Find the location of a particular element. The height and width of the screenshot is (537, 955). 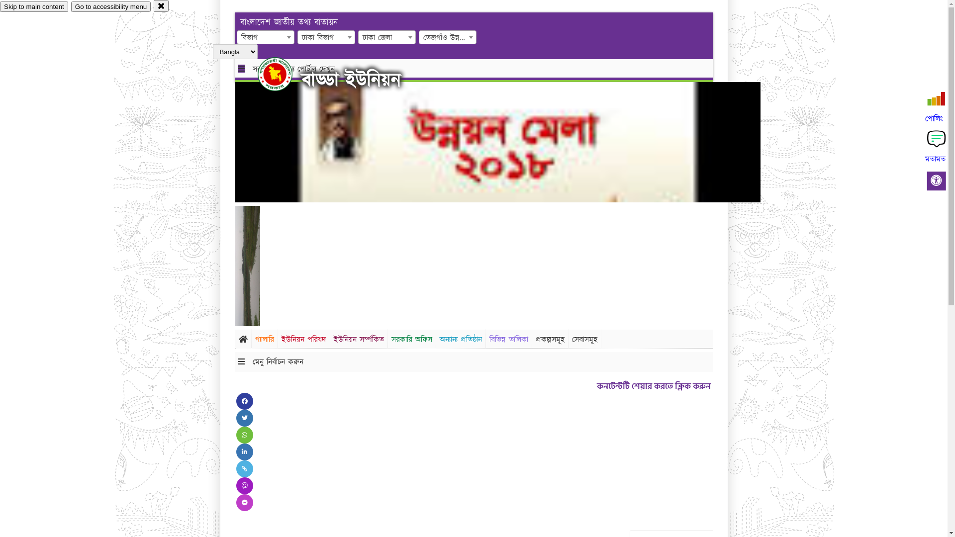

'Go to accessibility menu' is located at coordinates (71, 6).